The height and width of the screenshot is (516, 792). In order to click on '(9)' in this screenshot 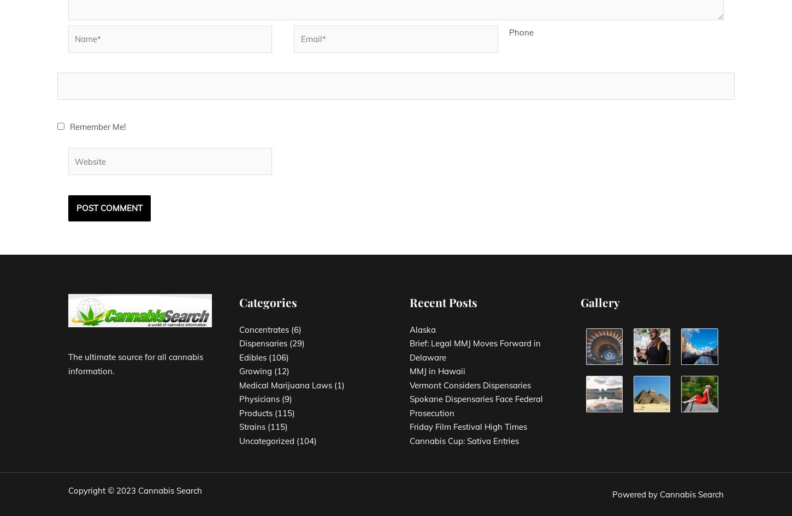, I will do `click(279, 398)`.